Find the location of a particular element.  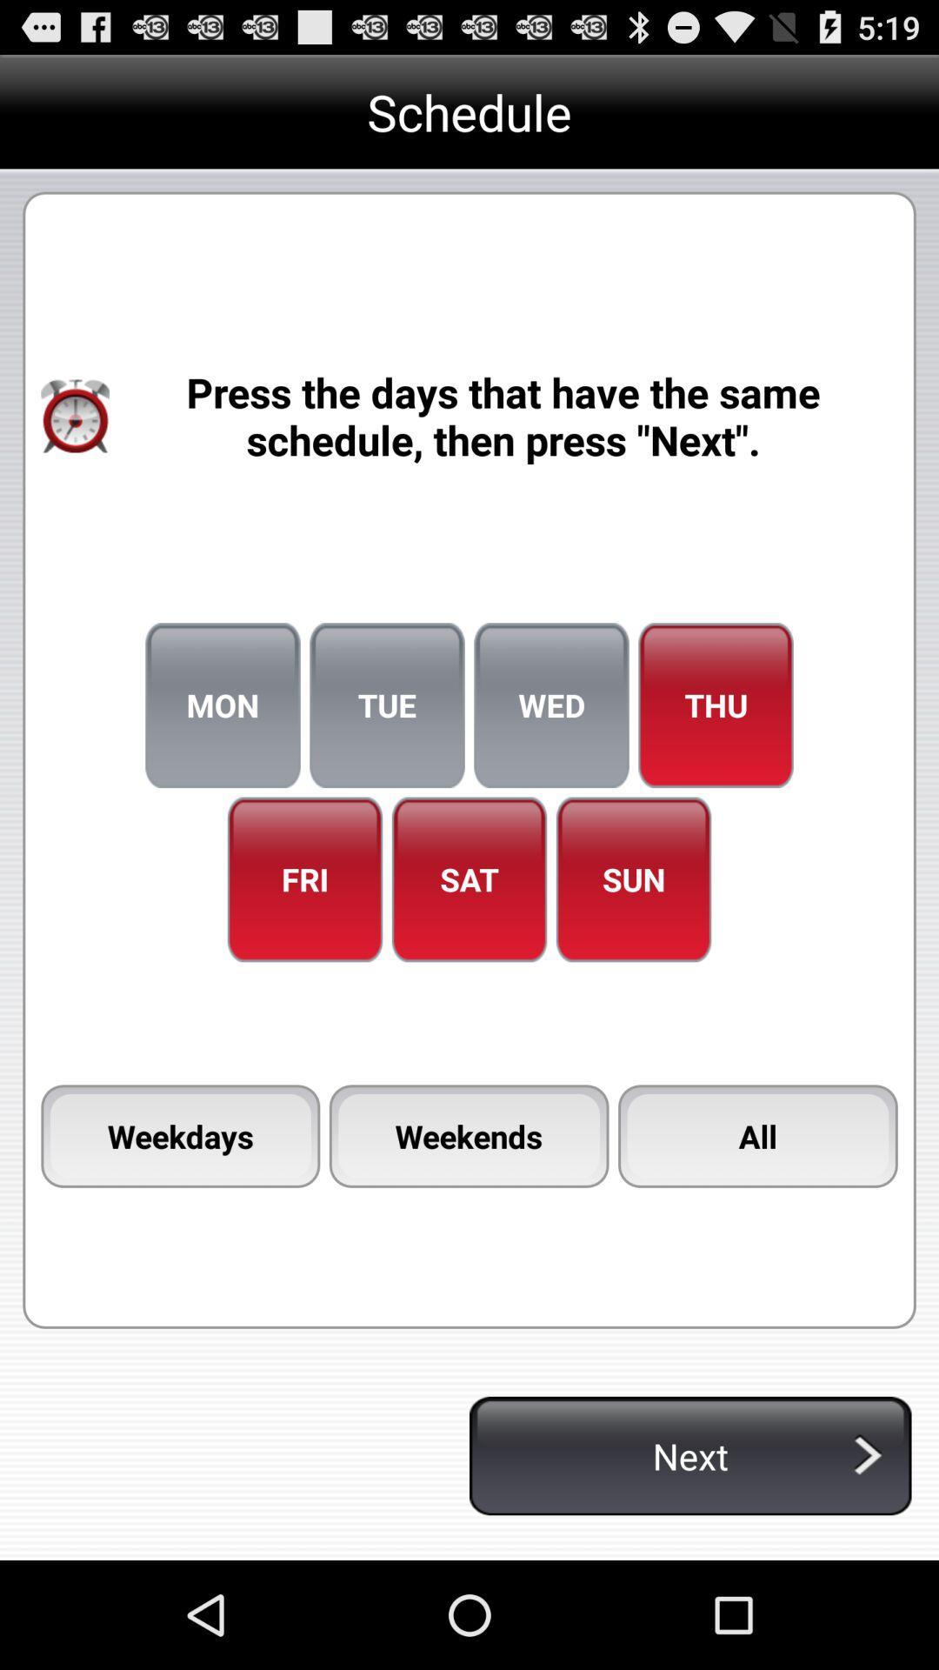

item to the left of the all icon is located at coordinates (468, 1136).